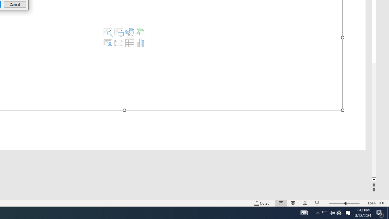 The height and width of the screenshot is (219, 389). Describe the element at coordinates (108, 32) in the screenshot. I see `'Stock Images'` at that location.